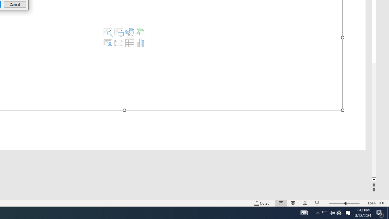 The height and width of the screenshot is (219, 389). Describe the element at coordinates (108, 32) in the screenshot. I see `'Stock Images'` at that location.